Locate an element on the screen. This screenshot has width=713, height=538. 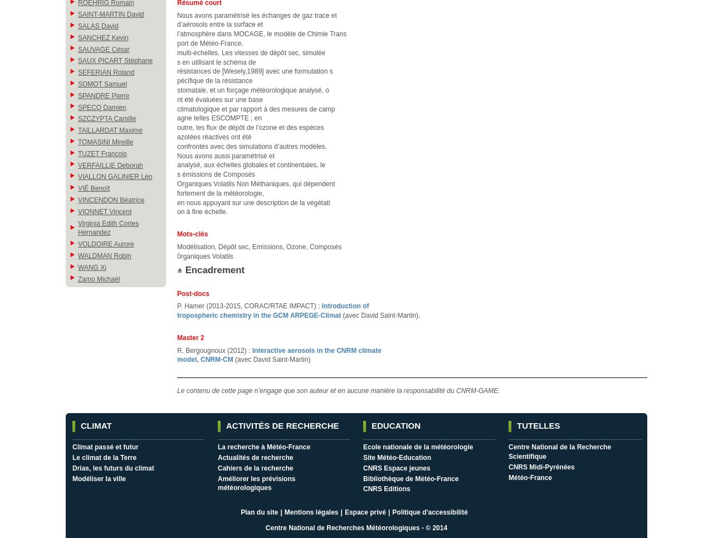
'TOMASINI Mireille' is located at coordinates (105, 141).